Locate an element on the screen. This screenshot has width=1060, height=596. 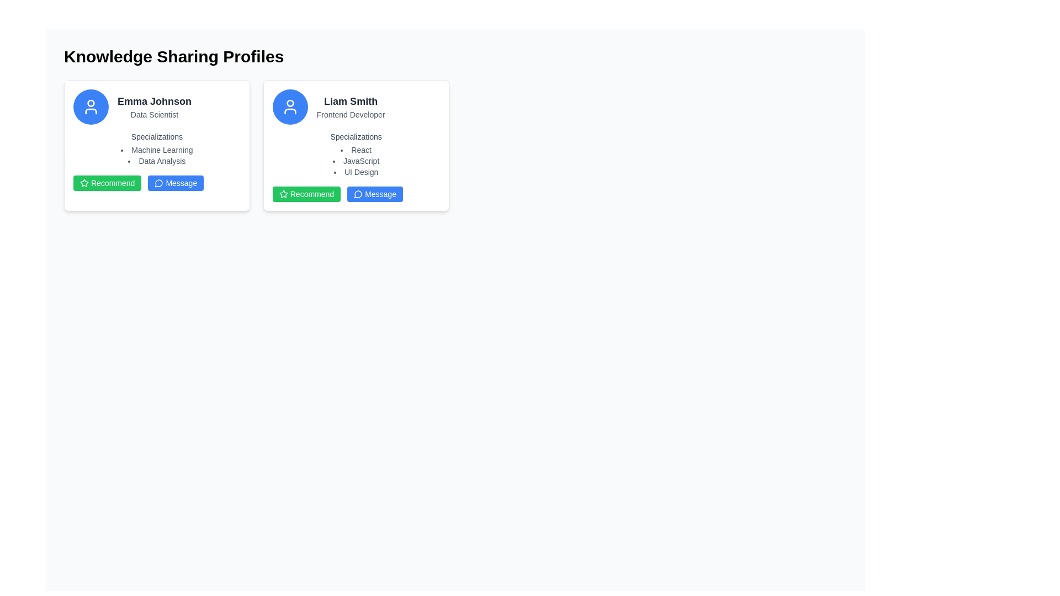
the text content 'JavaScript' which is styled in a smaller gray font and is the second bullet point in the Specializations section of Liam Smith's profile card is located at coordinates (356, 161).